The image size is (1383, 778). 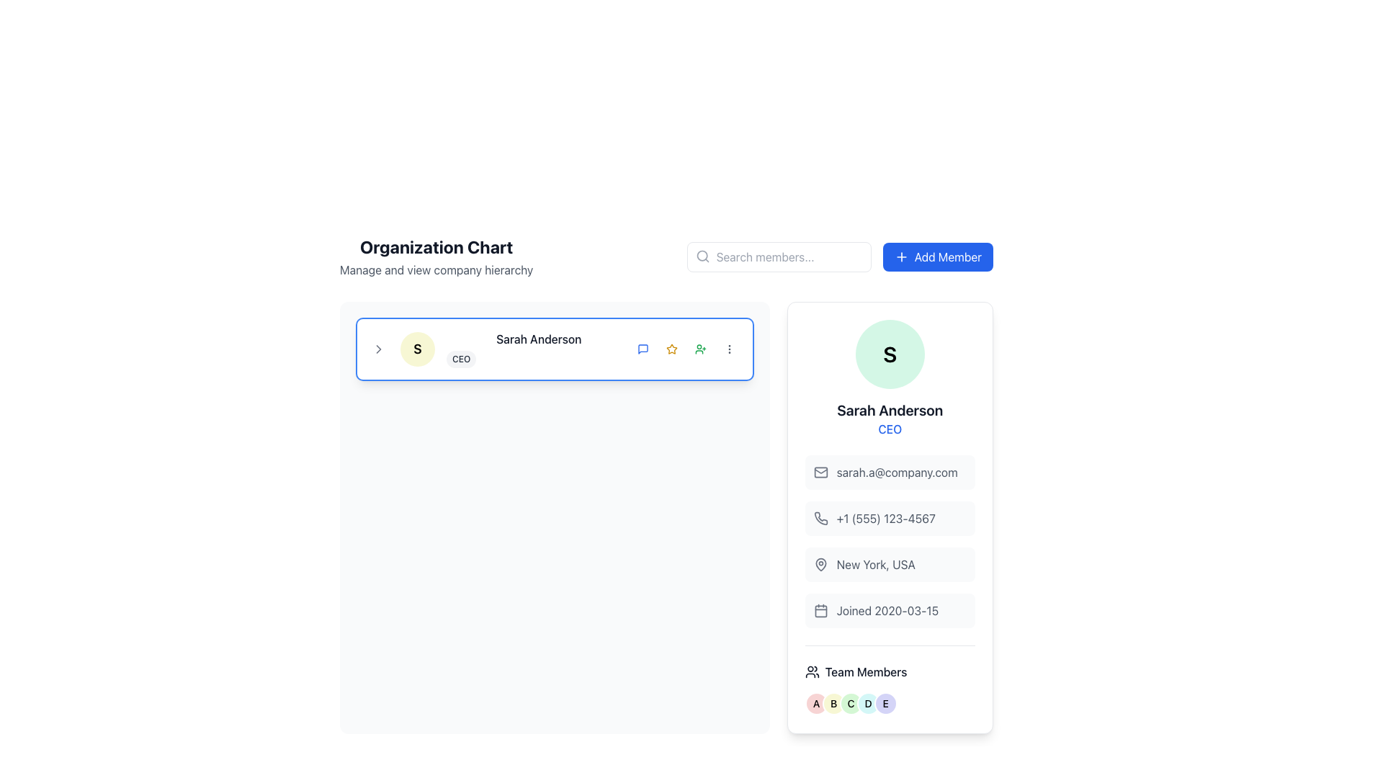 What do you see at coordinates (671, 349) in the screenshot?
I see `the star button on the right side of the user information card to mark it as a favorite. This button is the third clickable item in a horizontal group of icons, following a blue message icon` at bounding box center [671, 349].